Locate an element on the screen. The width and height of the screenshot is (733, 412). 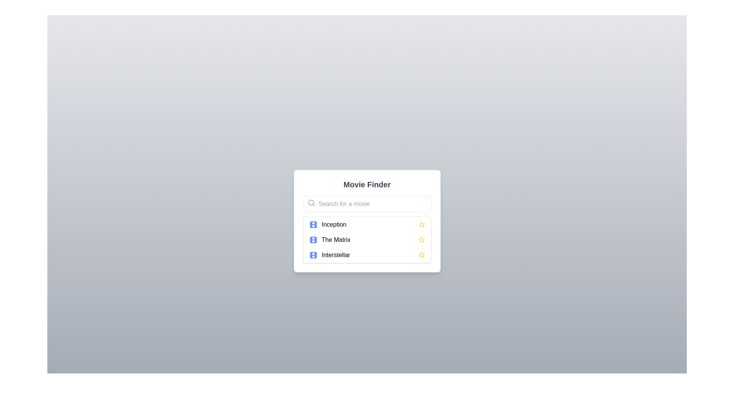
the text label representing the movie titled 'The Matrix' is located at coordinates (336, 239).